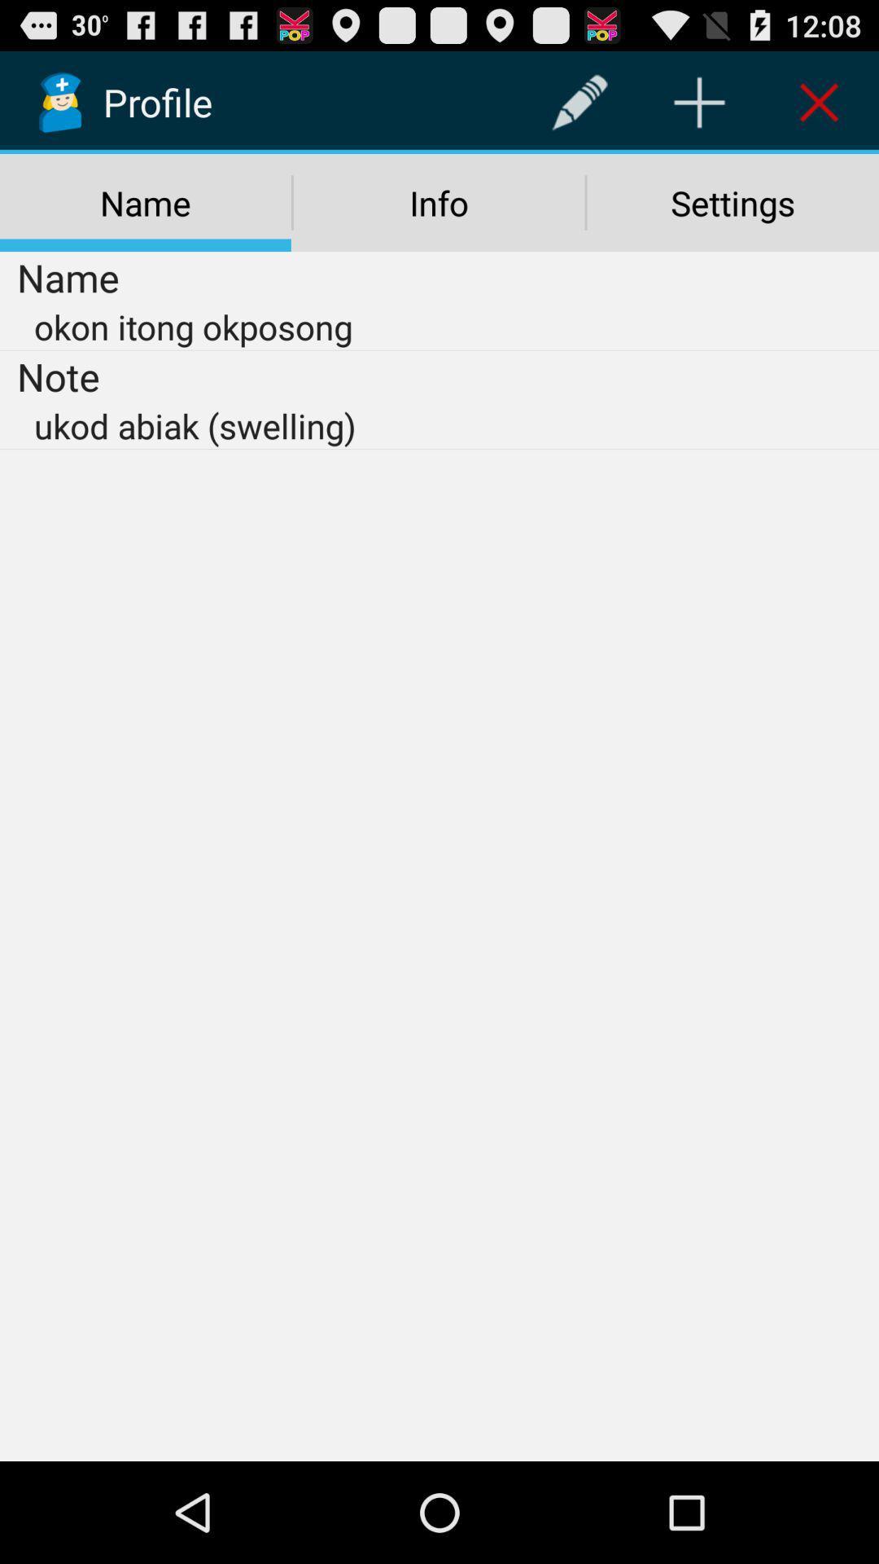  I want to click on item next to the settings, so click(438, 202).